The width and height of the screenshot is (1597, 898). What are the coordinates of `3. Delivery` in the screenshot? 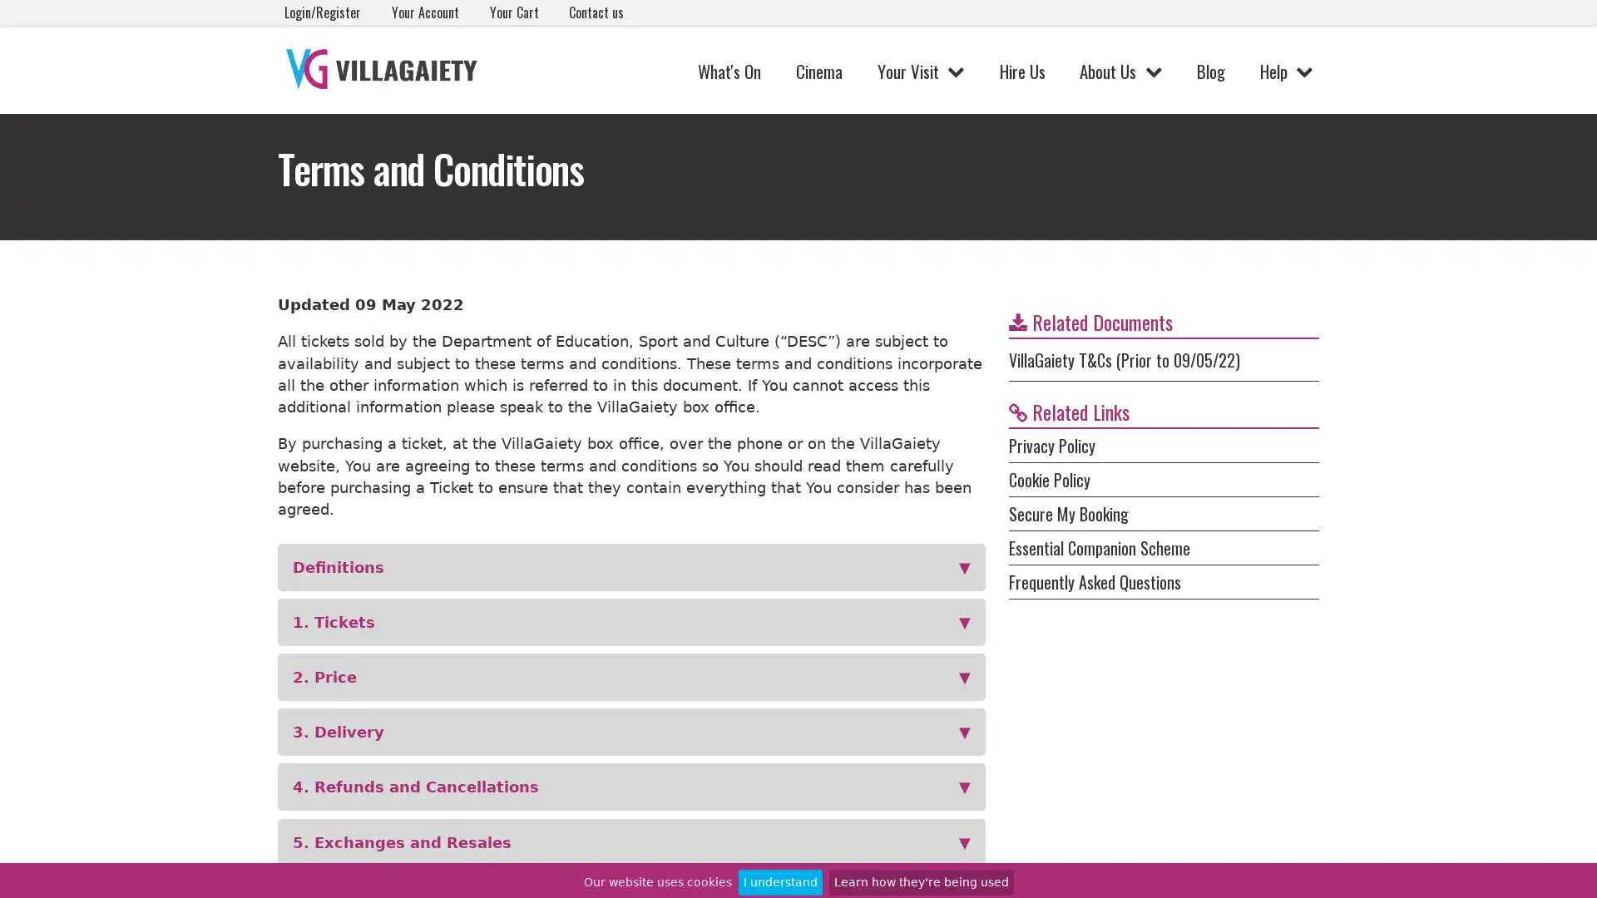 It's located at (630, 731).